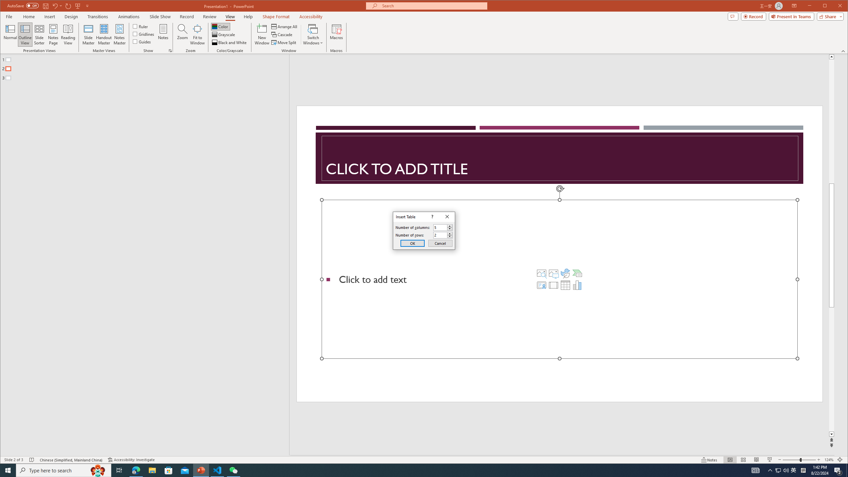 This screenshot has height=477, width=848. What do you see at coordinates (440, 227) in the screenshot?
I see `'Number of columns'` at bounding box center [440, 227].